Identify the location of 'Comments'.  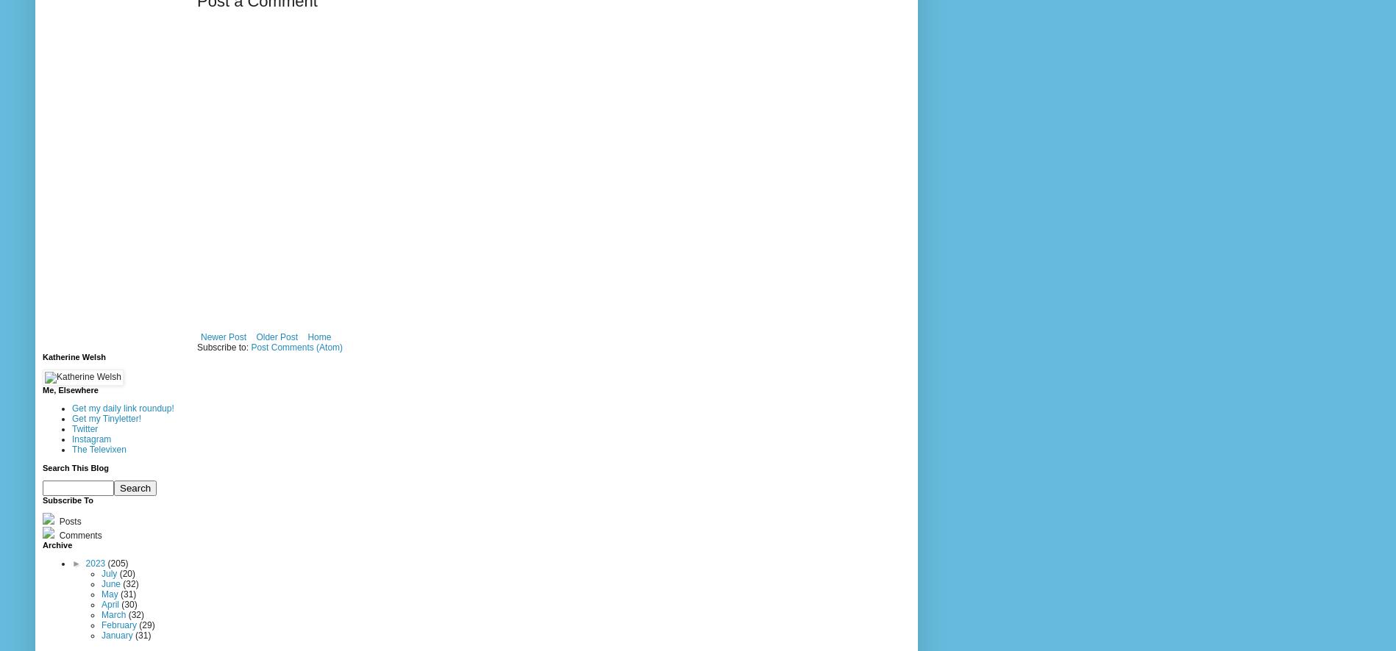
(79, 536).